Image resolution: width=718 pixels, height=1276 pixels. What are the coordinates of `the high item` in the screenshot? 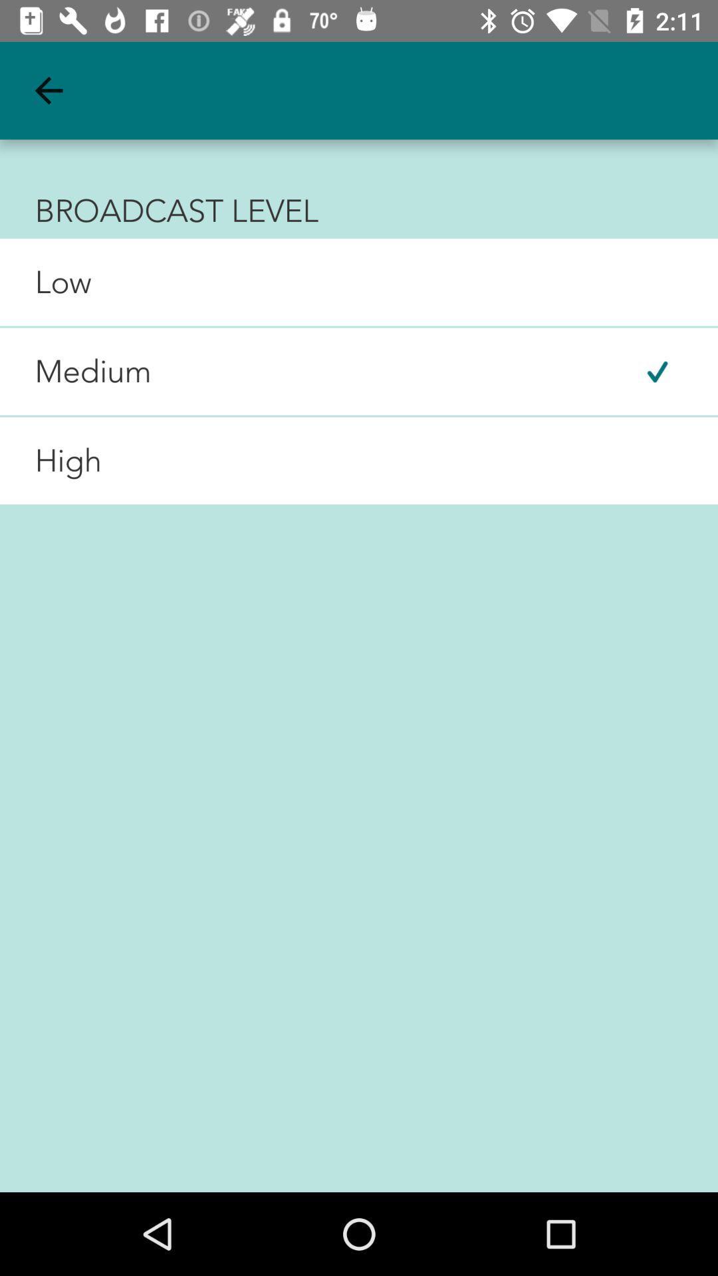 It's located at (50, 461).